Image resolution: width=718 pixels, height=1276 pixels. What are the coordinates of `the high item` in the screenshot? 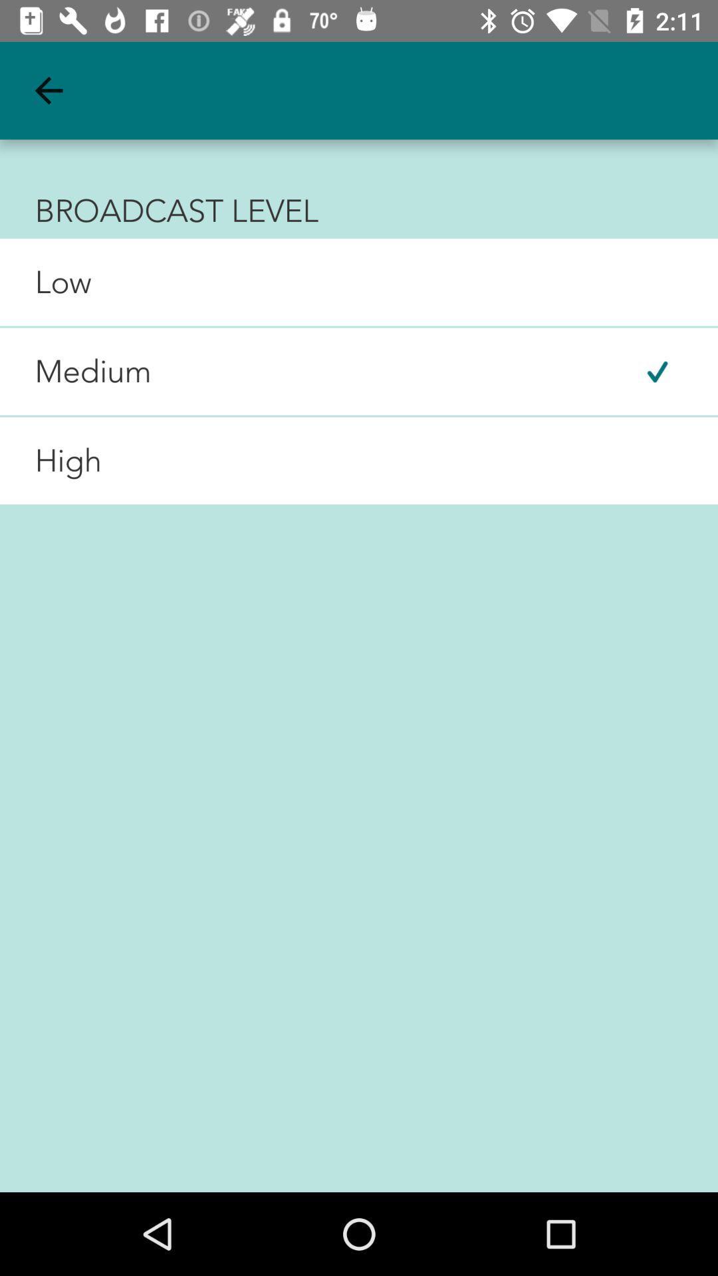 It's located at (50, 461).